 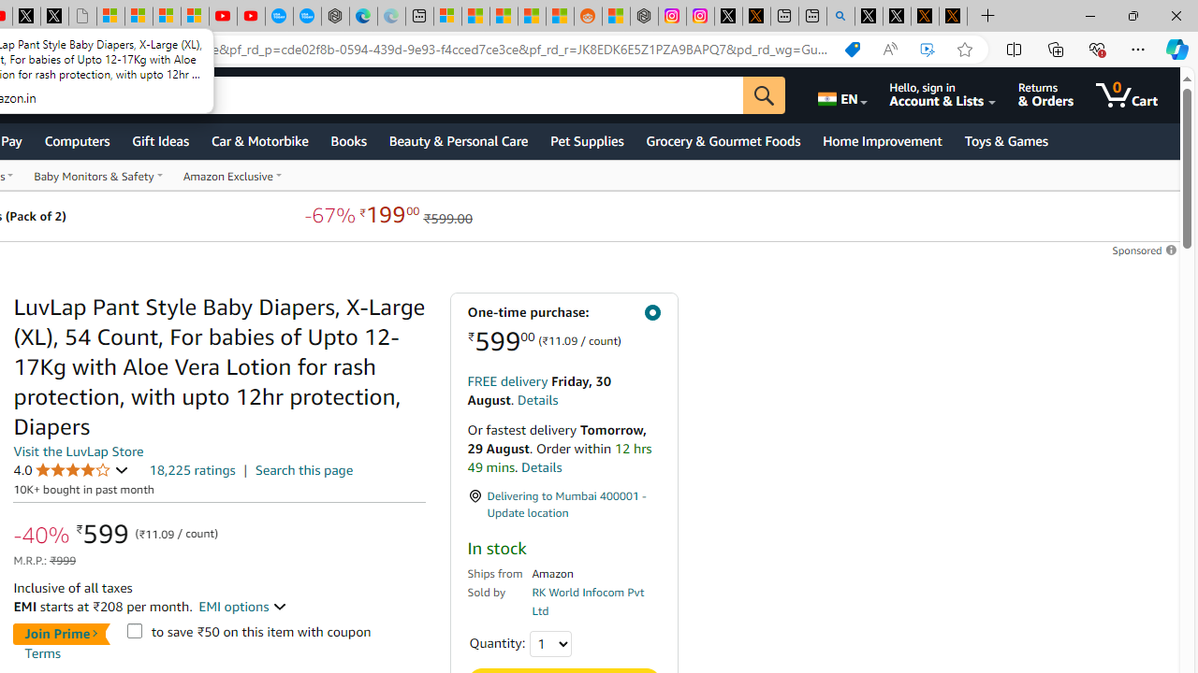 What do you see at coordinates (307, 16) in the screenshot?
I see `'The most popular Google '` at bounding box center [307, 16].